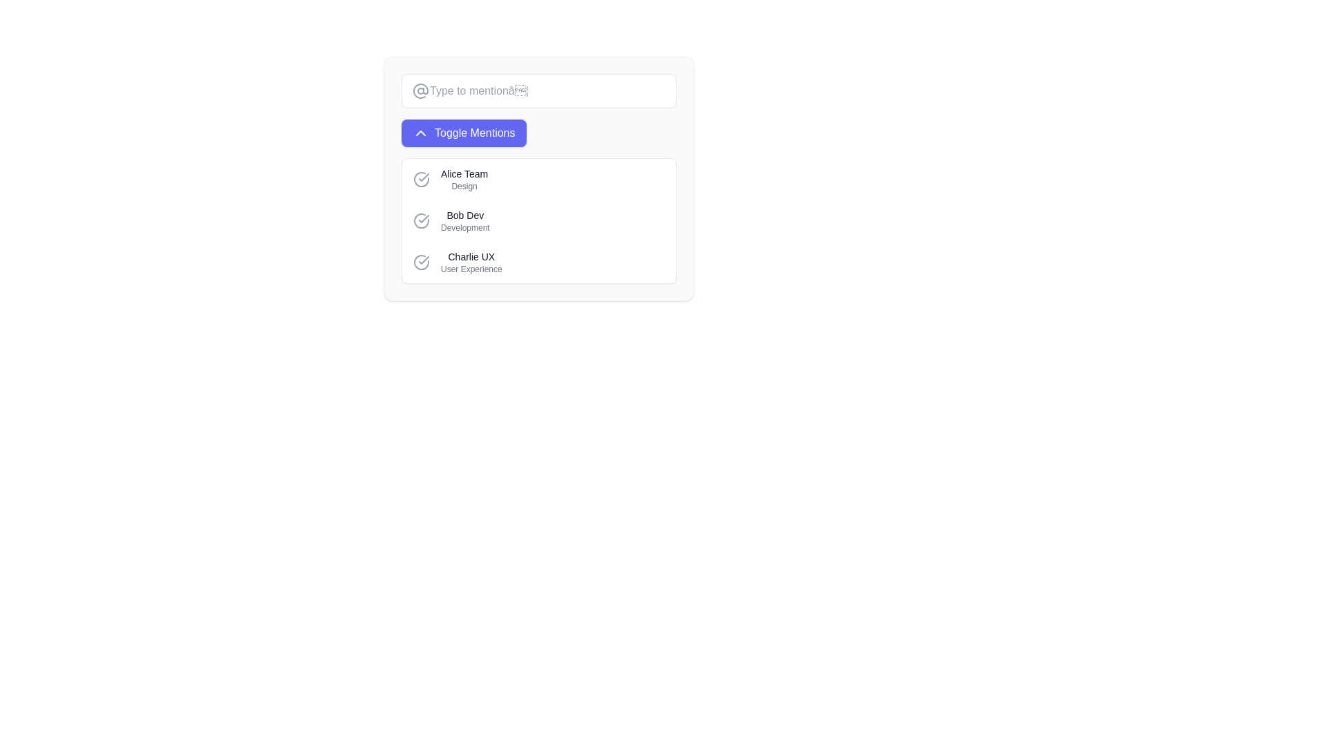 This screenshot has height=746, width=1327. Describe the element at coordinates (475, 133) in the screenshot. I see `the 'Toggle Mentions' text label, which is styled with white text on a blue background, located at the top of a dropdown interface` at that location.